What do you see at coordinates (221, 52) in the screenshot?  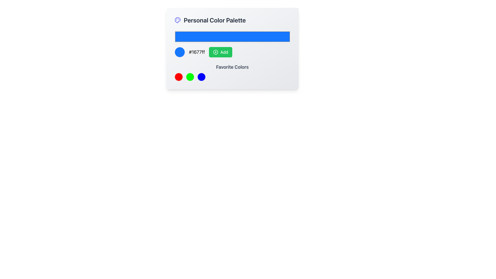 I see `the add new items button located in the top-right section of the color information panel` at bounding box center [221, 52].